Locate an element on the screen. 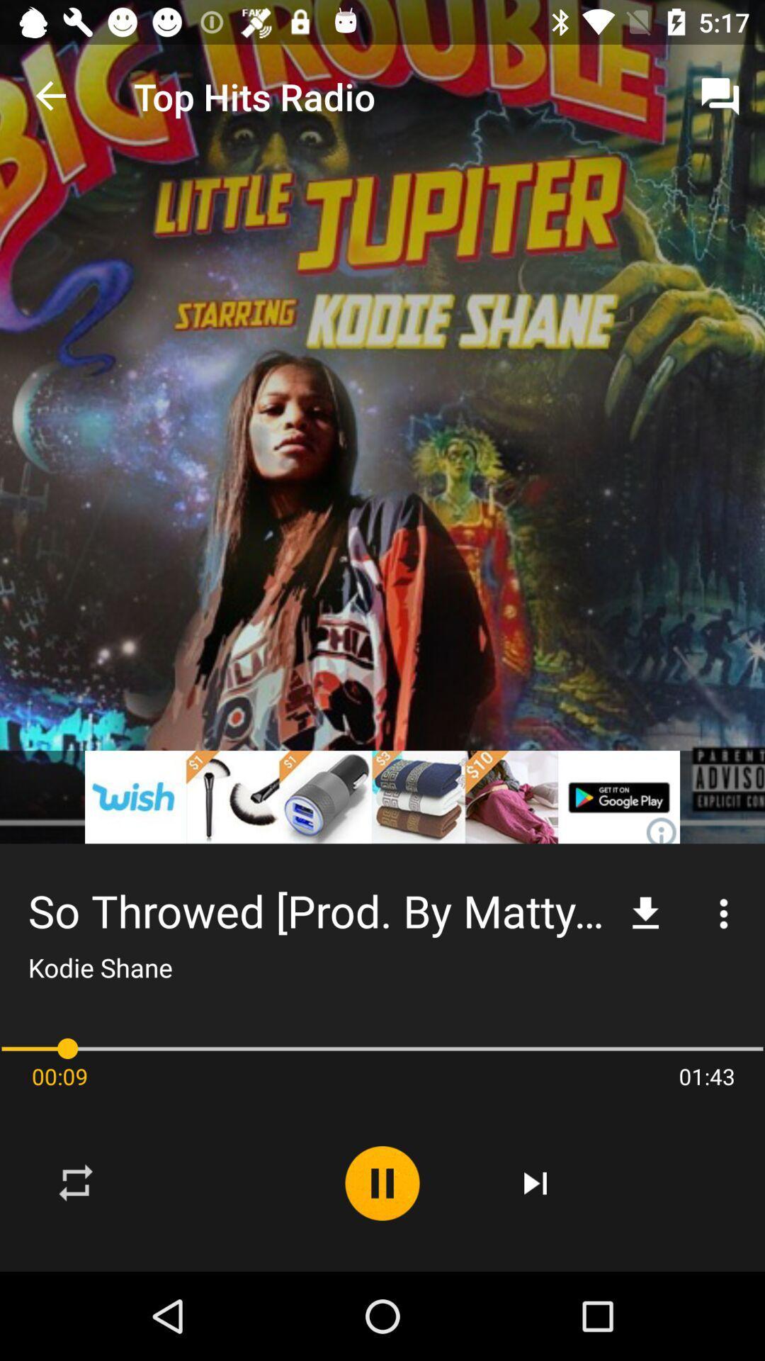  the item to the left of the 01:43 icon is located at coordinates (535, 1183).